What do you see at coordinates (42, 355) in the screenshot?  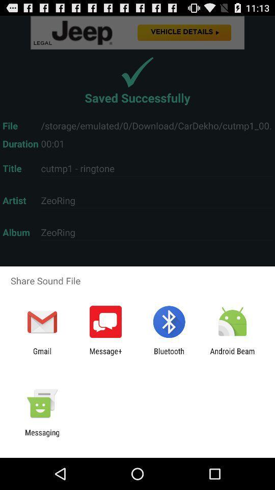 I see `gmail item` at bounding box center [42, 355].